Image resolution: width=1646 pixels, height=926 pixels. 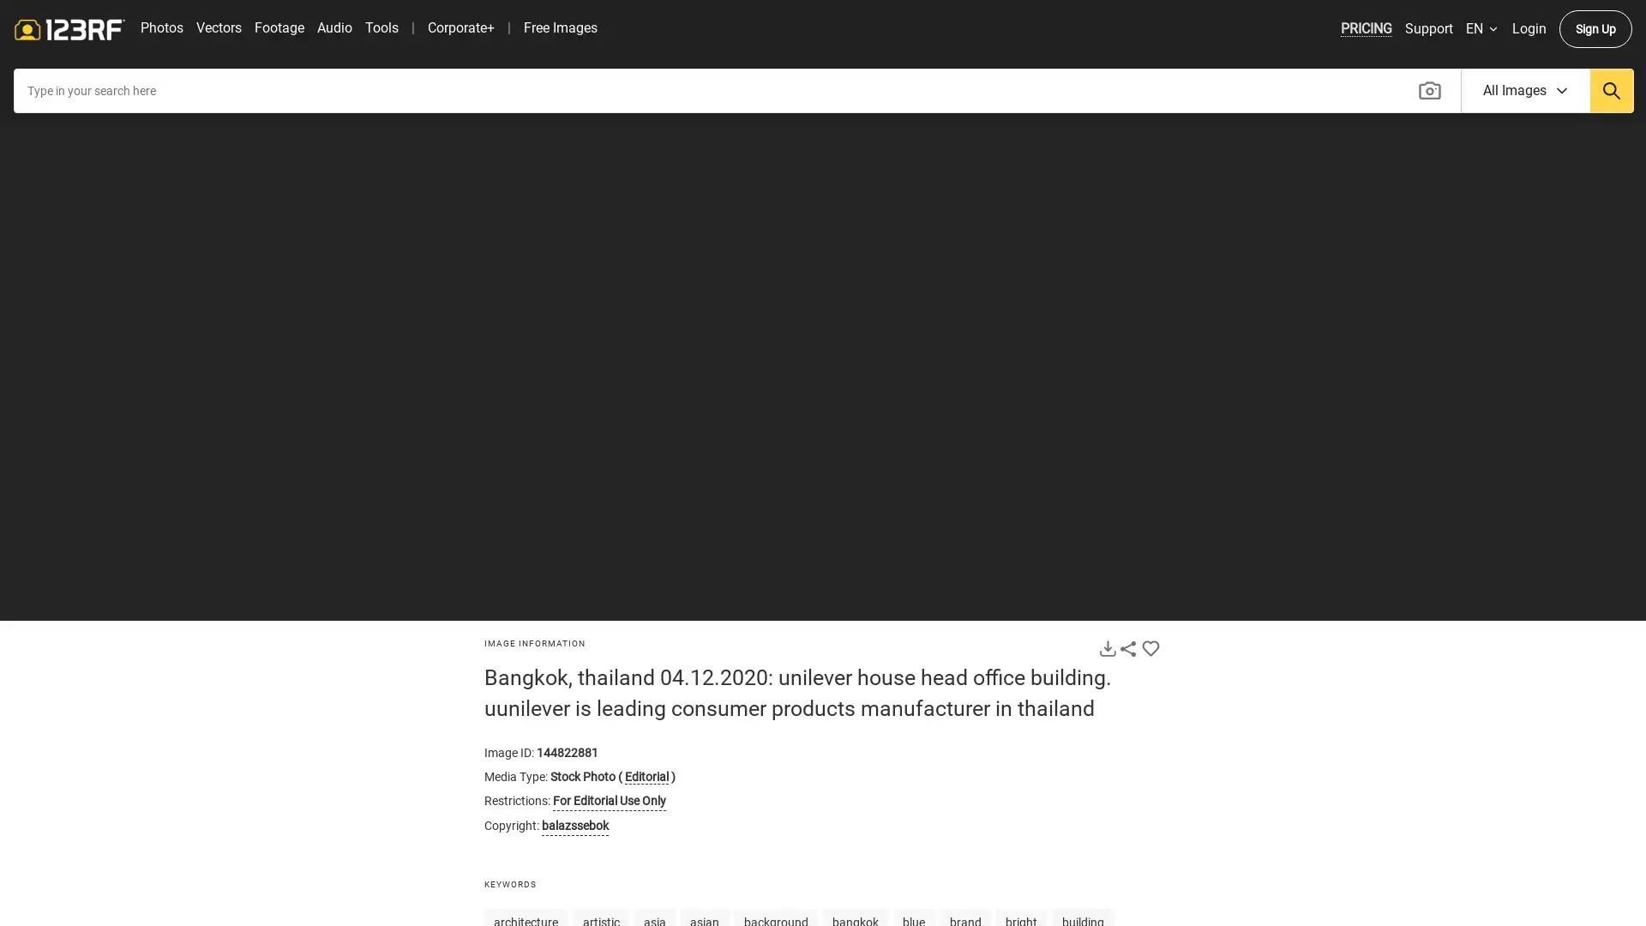 I want to click on INSTAGRAM_POST Instagram post 1080 x 1080 px, so click(x=1456, y=778).